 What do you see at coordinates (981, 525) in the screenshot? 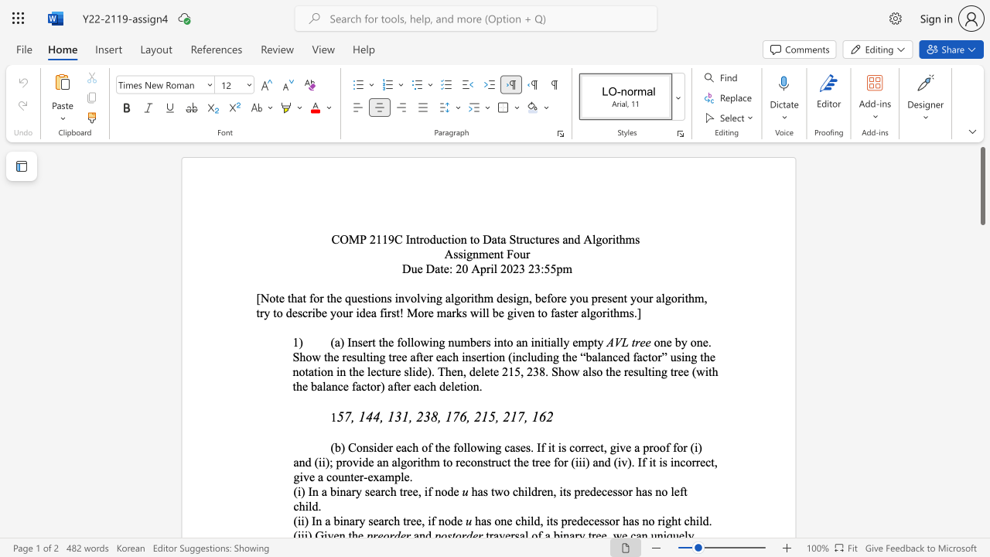
I see `the scrollbar on the right to move the page downward` at bounding box center [981, 525].